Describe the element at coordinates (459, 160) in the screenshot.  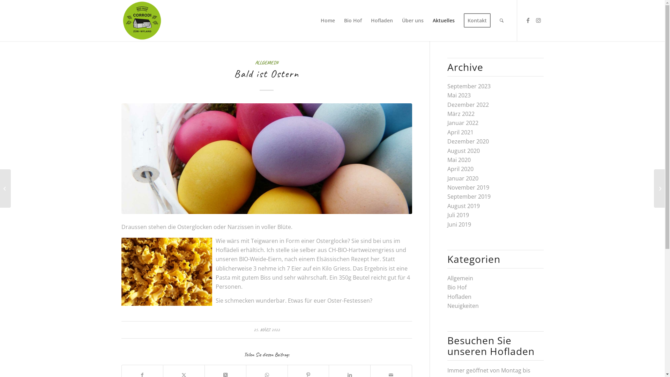
I see `'Mai 2020'` at that location.